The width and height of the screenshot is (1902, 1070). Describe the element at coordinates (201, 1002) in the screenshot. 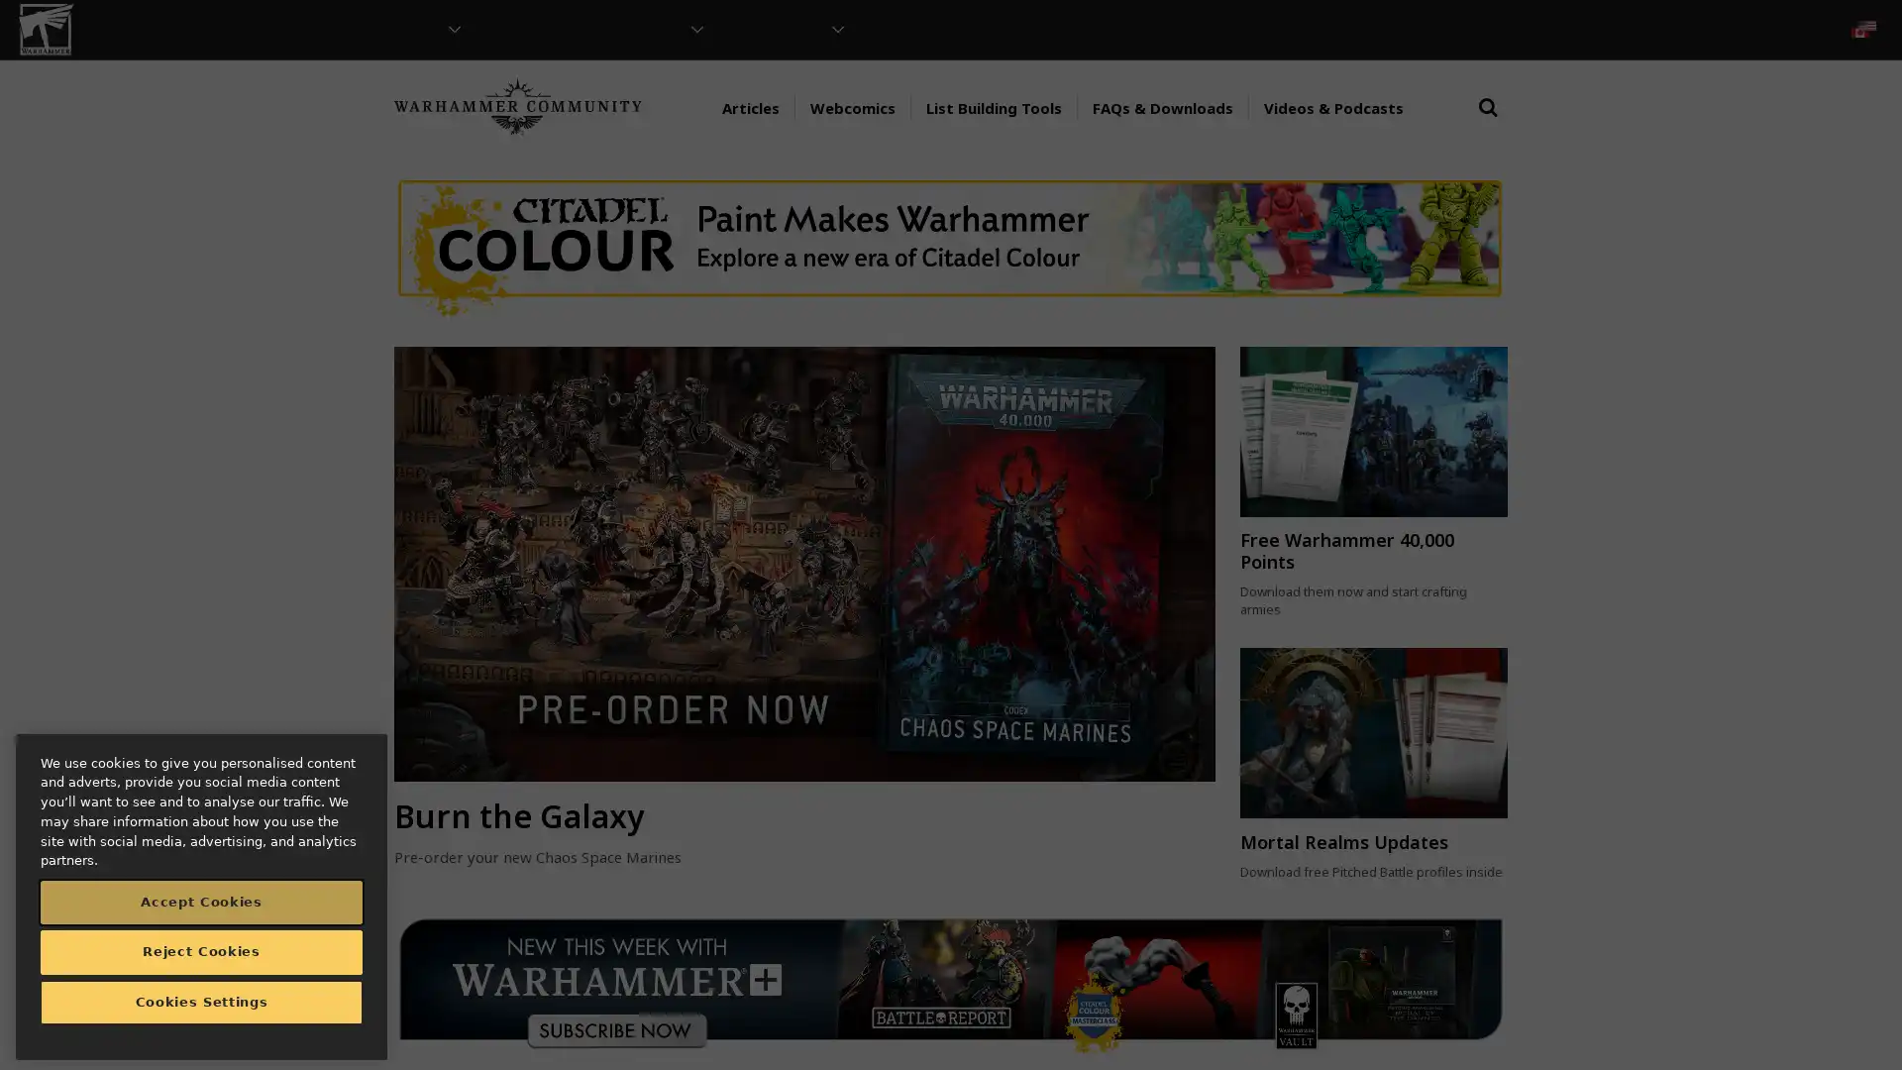

I see `Cookies Settings` at that location.